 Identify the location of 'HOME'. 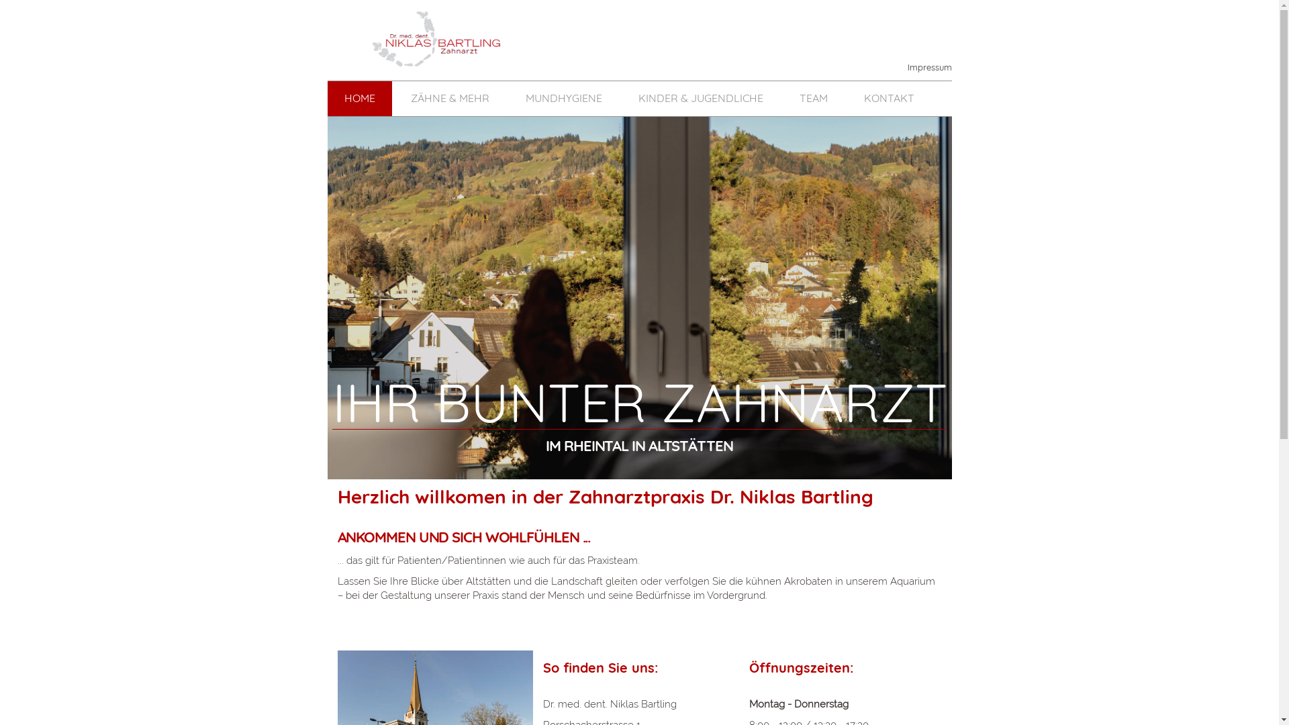
(360, 97).